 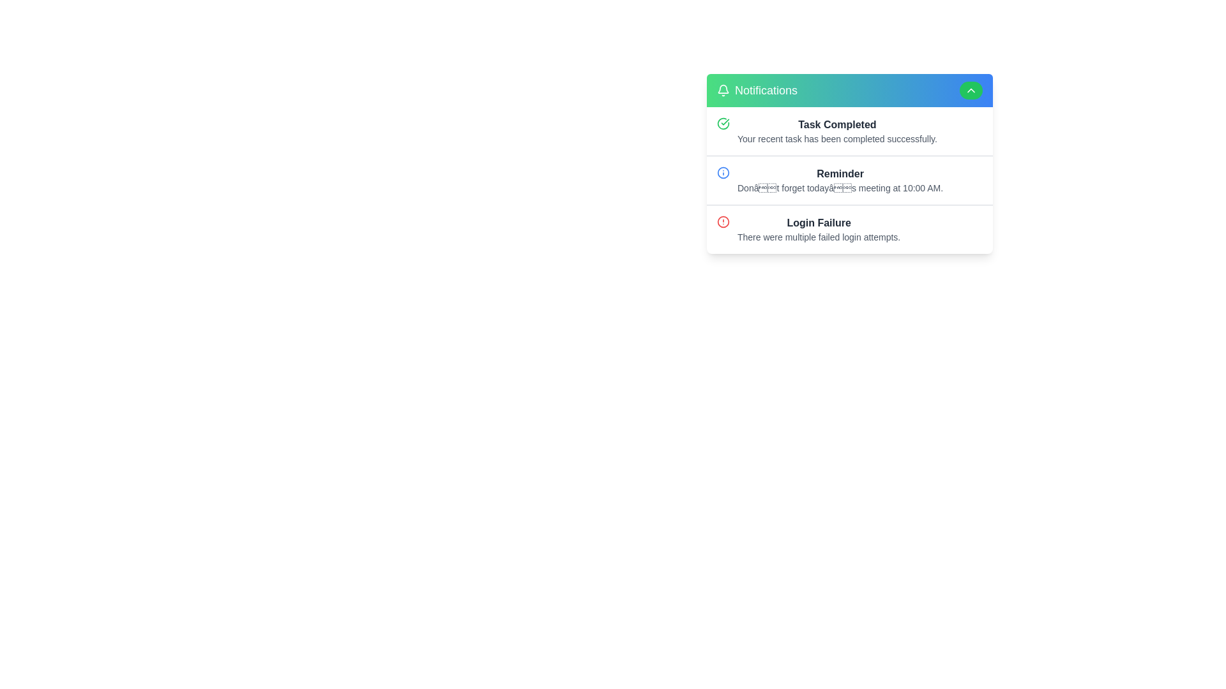 I want to click on the notification message about the meeting scheduled for 10:00 AM today to potentially trigger a detailed view or response options, so click(x=840, y=180).